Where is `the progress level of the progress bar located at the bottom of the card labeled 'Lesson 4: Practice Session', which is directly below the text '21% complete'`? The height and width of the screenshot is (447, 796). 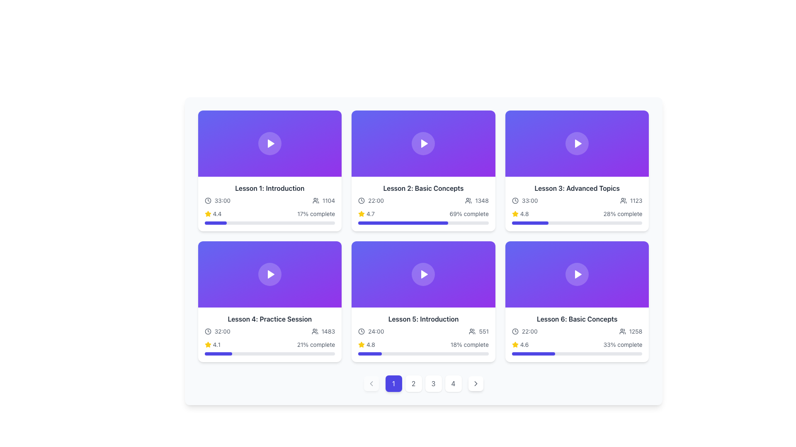
the progress level of the progress bar located at the bottom of the card labeled 'Lesson 4: Practice Session', which is directly below the text '21% complete' is located at coordinates (269, 354).